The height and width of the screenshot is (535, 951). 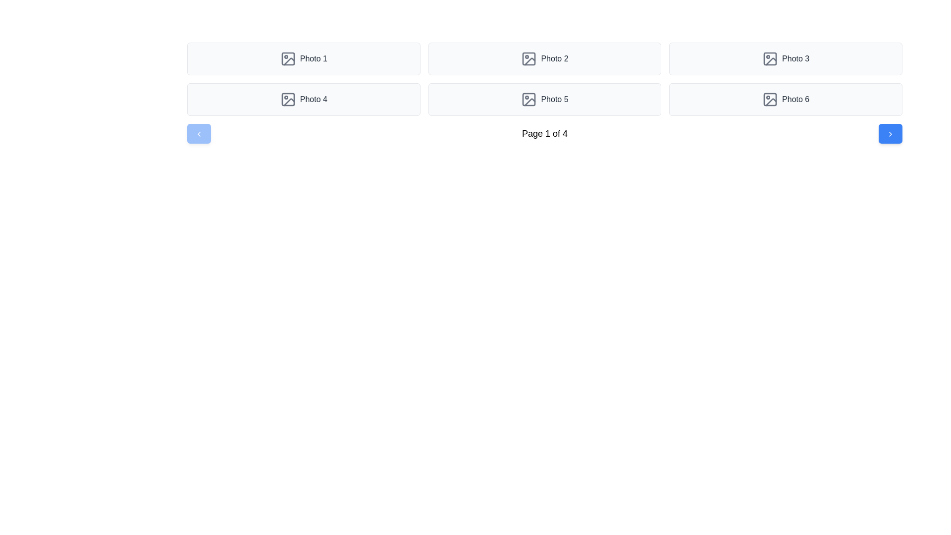 What do you see at coordinates (544, 59) in the screenshot?
I see `the button labeled 'Photo 2' using keyboard navigation` at bounding box center [544, 59].